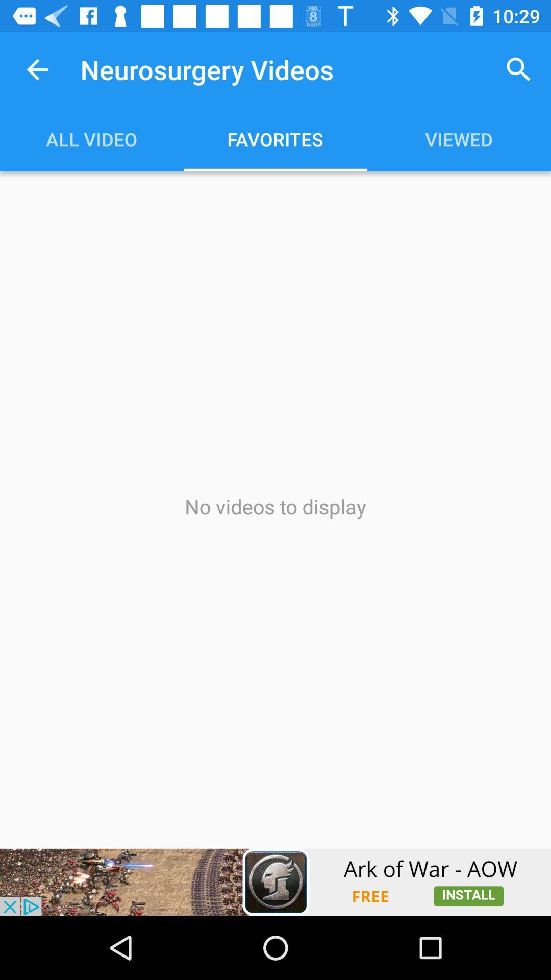 Image resolution: width=551 pixels, height=980 pixels. I want to click on advertisement, so click(275, 881).